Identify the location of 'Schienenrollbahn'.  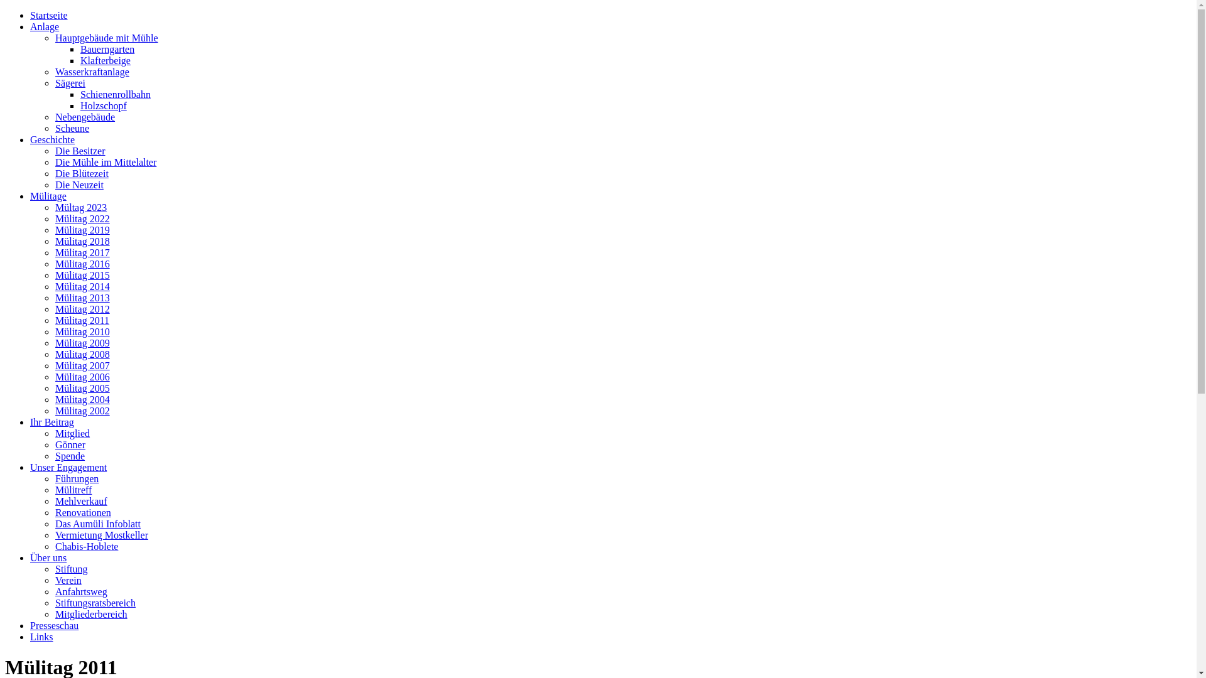
(115, 94).